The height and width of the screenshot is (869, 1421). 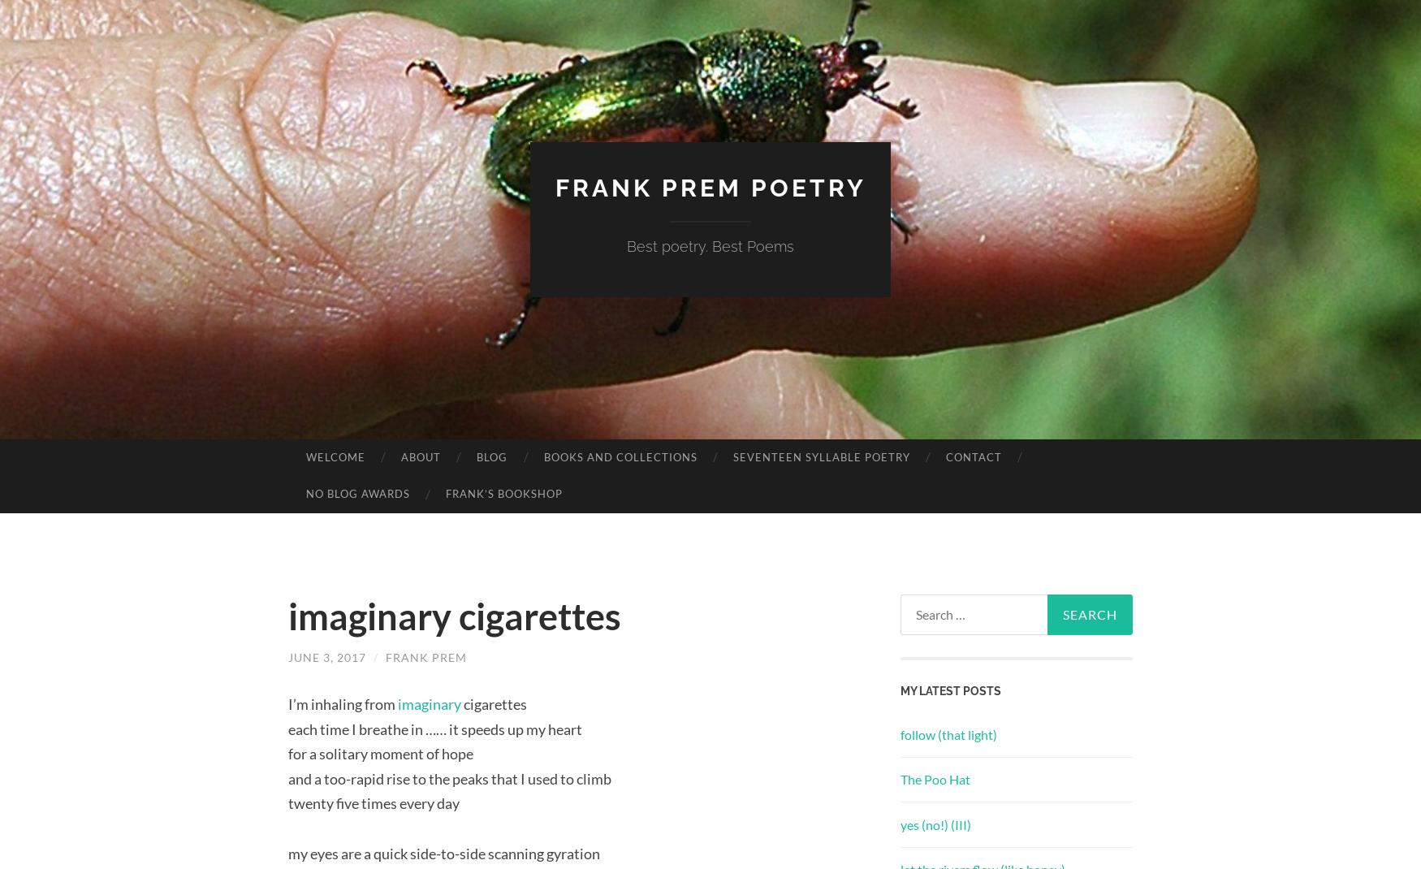 What do you see at coordinates (381, 753) in the screenshot?
I see `'for a solitary moment of hope'` at bounding box center [381, 753].